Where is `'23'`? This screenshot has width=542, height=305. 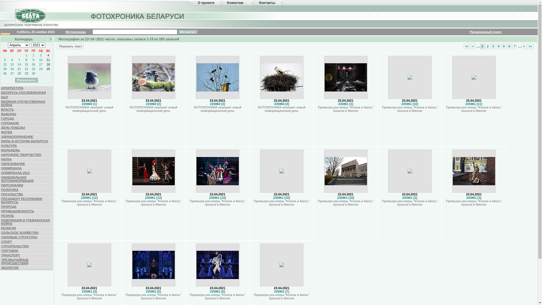 '23' is located at coordinates (33, 68).